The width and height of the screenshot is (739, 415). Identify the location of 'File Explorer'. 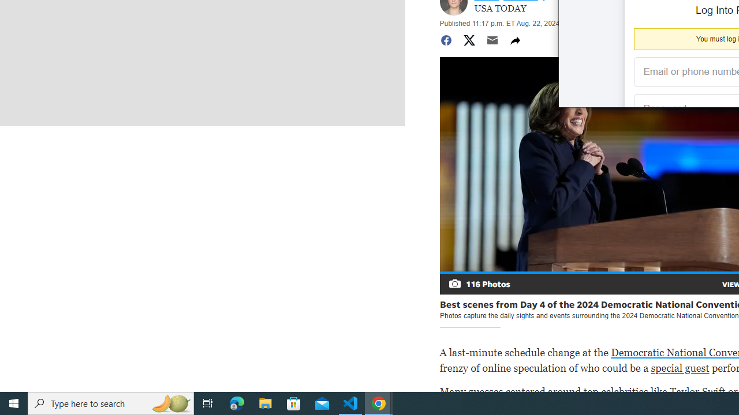
(265, 402).